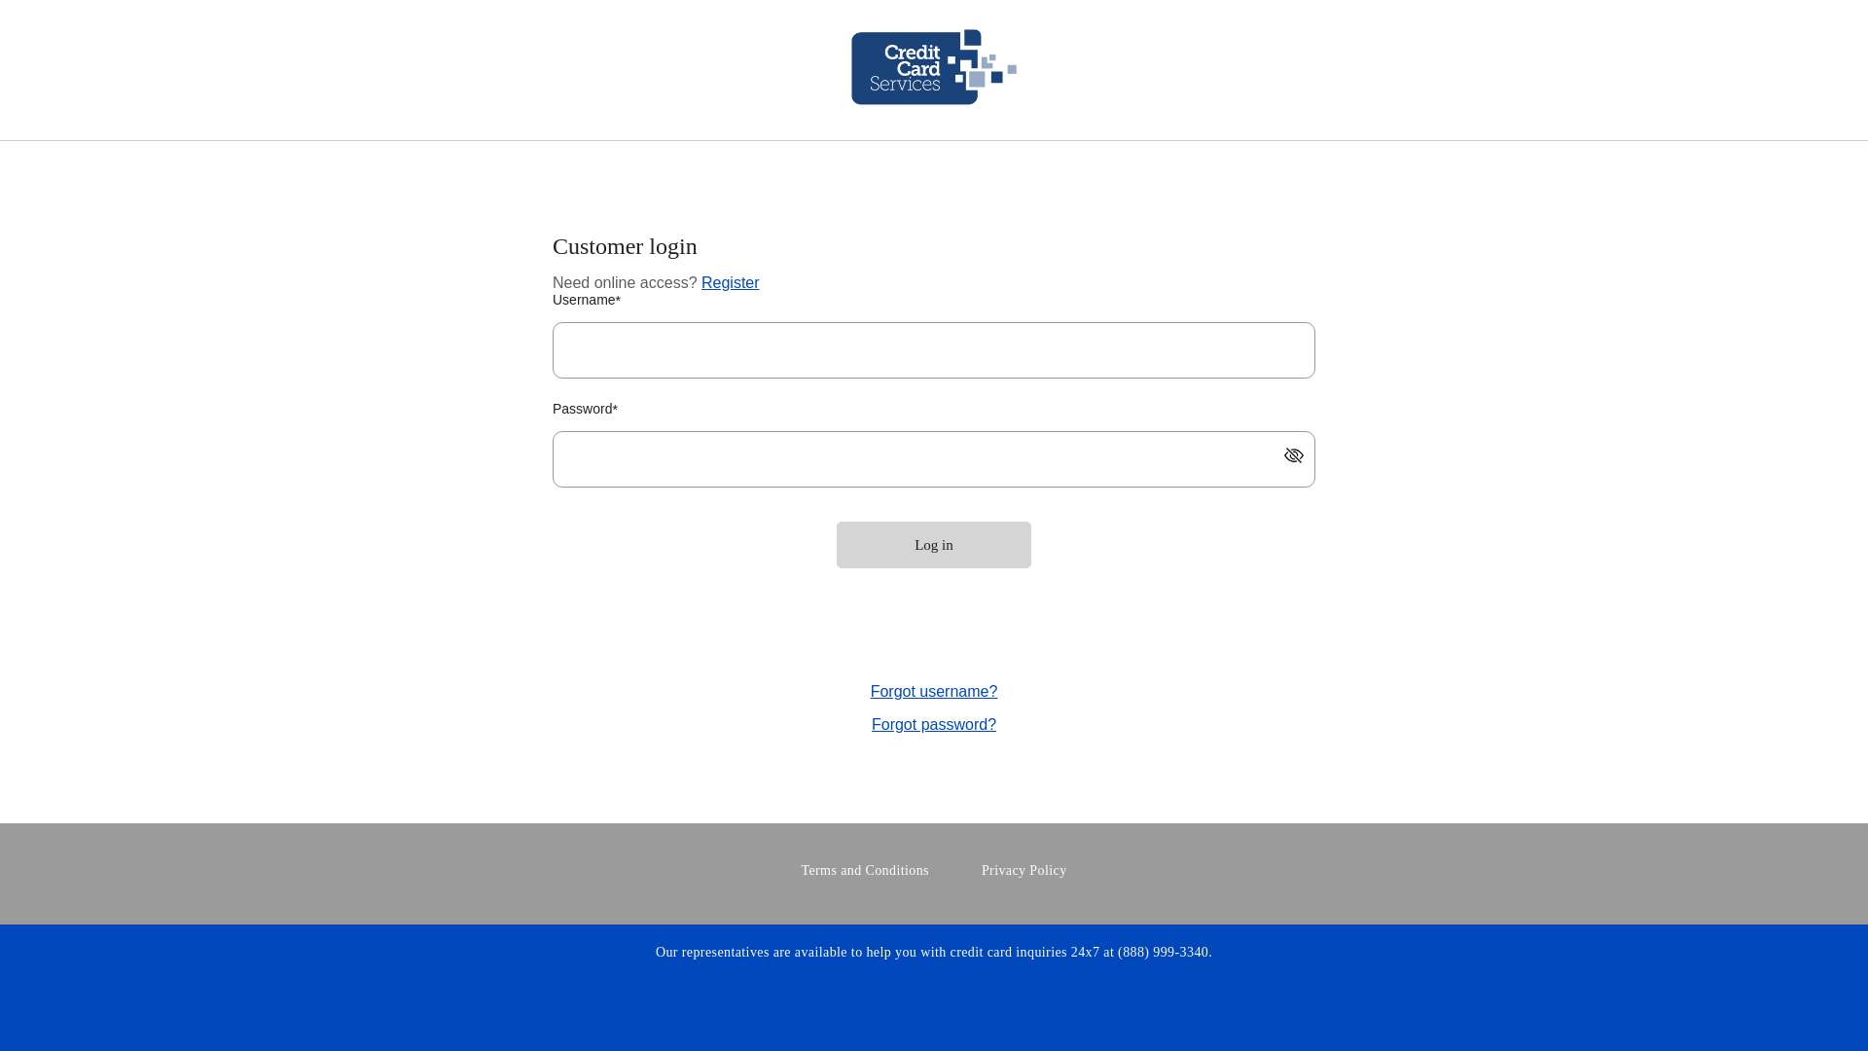 Image resolution: width=1868 pixels, height=1051 pixels. I want to click on 'Forgot password?', so click(934, 725).